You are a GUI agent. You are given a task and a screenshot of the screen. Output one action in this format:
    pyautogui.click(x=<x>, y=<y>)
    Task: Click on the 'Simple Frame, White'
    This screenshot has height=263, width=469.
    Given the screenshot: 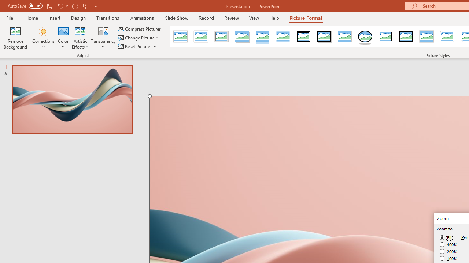 What is the action you would take?
    pyautogui.click(x=180, y=37)
    